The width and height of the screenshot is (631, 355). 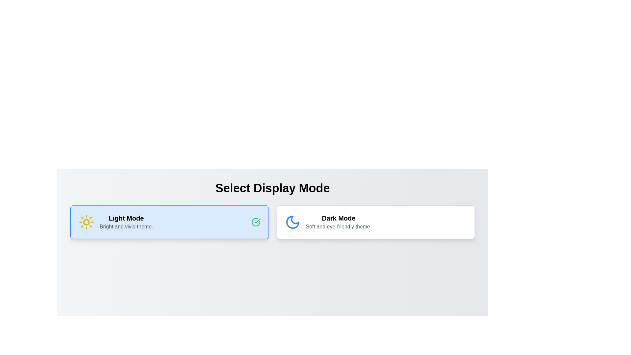 What do you see at coordinates (86, 222) in the screenshot?
I see `the circular center of the sun icon, which is part of the 'Light Mode' button, visually represented as a golden yellow circle with a radius of approximately 4 units` at bounding box center [86, 222].